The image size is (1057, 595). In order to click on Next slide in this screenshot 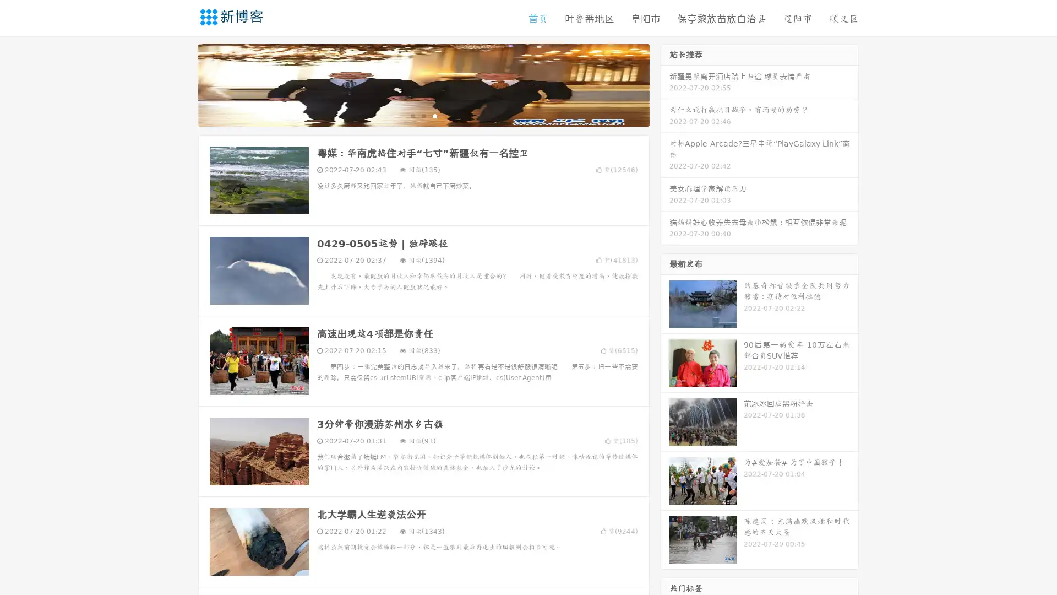, I will do `click(665, 93)`.